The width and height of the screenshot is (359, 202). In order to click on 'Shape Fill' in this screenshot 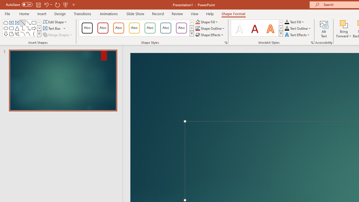, I will do `click(206, 22)`.